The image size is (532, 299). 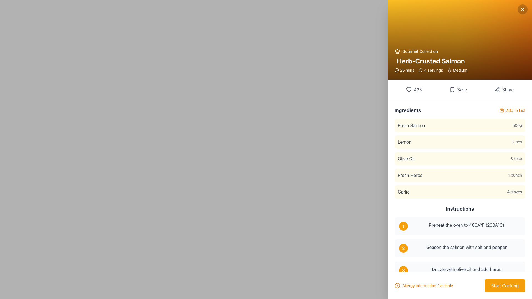 What do you see at coordinates (460, 209) in the screenshot?
I see `the text label that serves as the heading for the cooking instructions section, located above the list of cooking steps` at bounding box center [460, 209].